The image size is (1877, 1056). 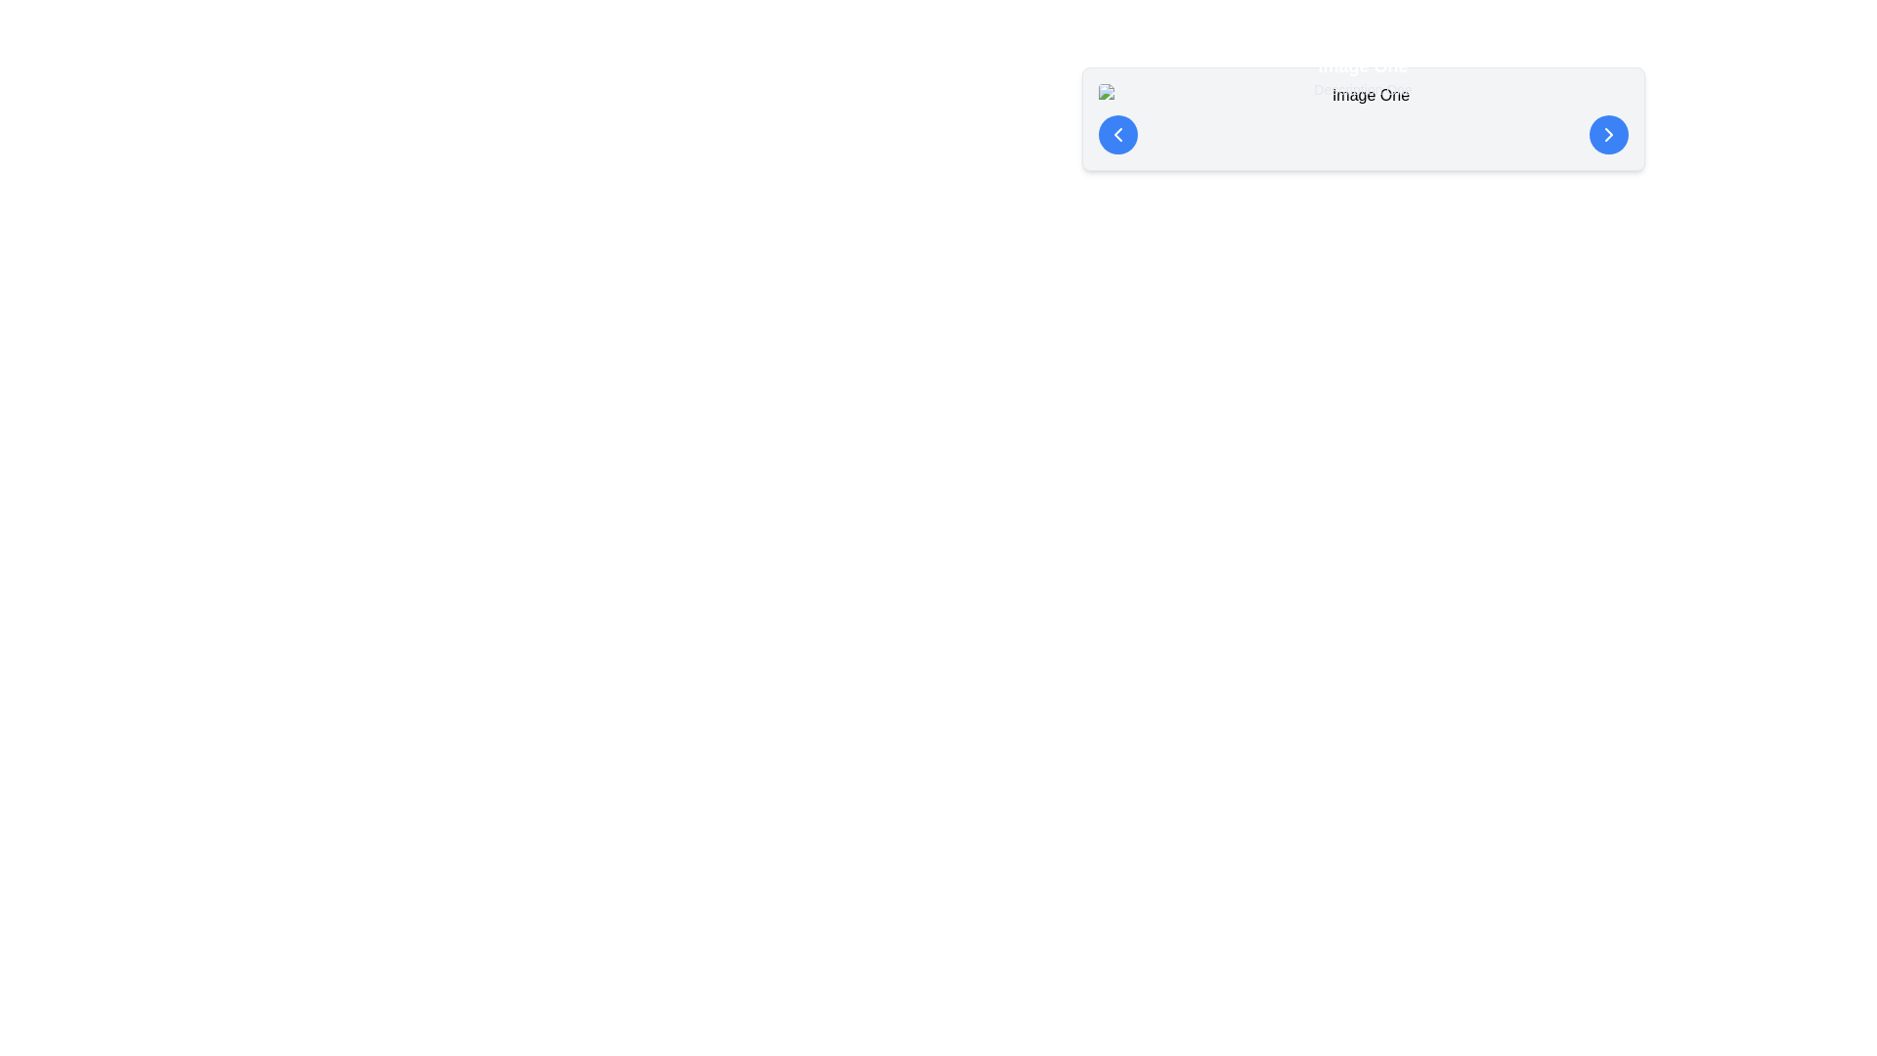 I want to click on the circular blue navigation button located at the top-left corner of the rectangular card, so click(x=1117, y=134).